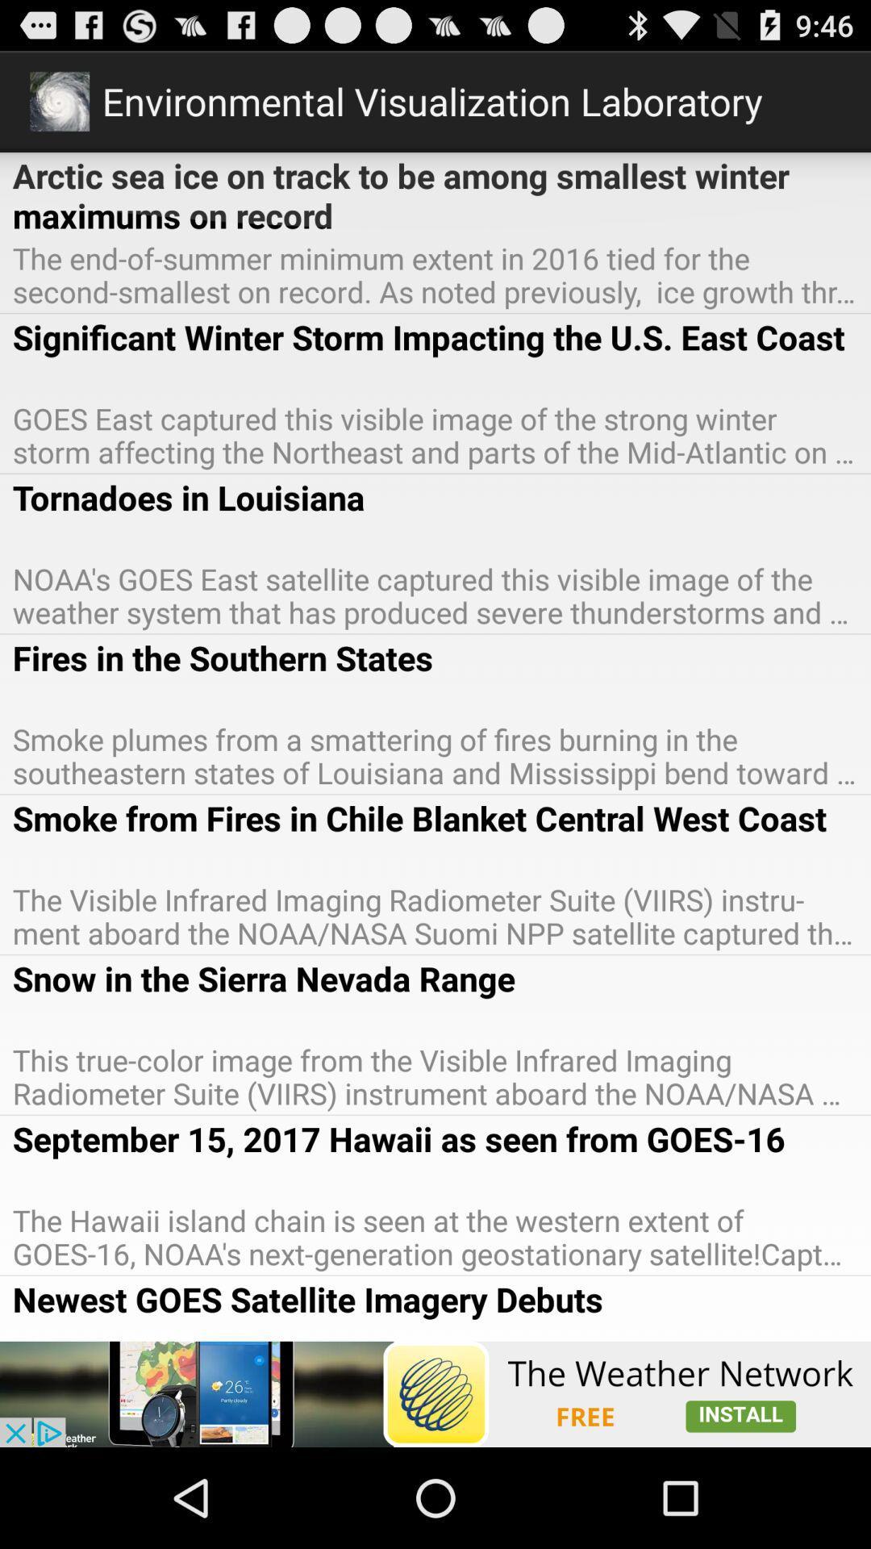  Describe the element at coordinates (435, 1393) in the screenshot. I see `open advertisement` at that location.